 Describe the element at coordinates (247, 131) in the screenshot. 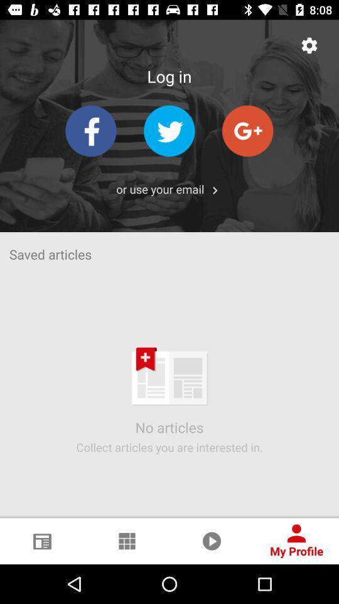

I see `choose g+` at that location.